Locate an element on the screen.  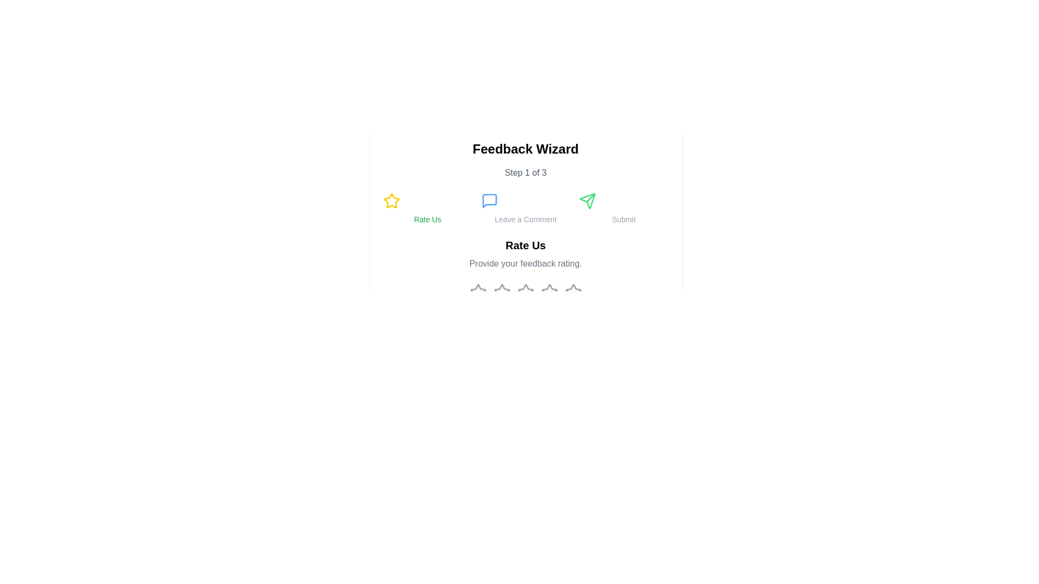
the rightmost star icon in the rating mechanism is located at coordinates (573, 291).